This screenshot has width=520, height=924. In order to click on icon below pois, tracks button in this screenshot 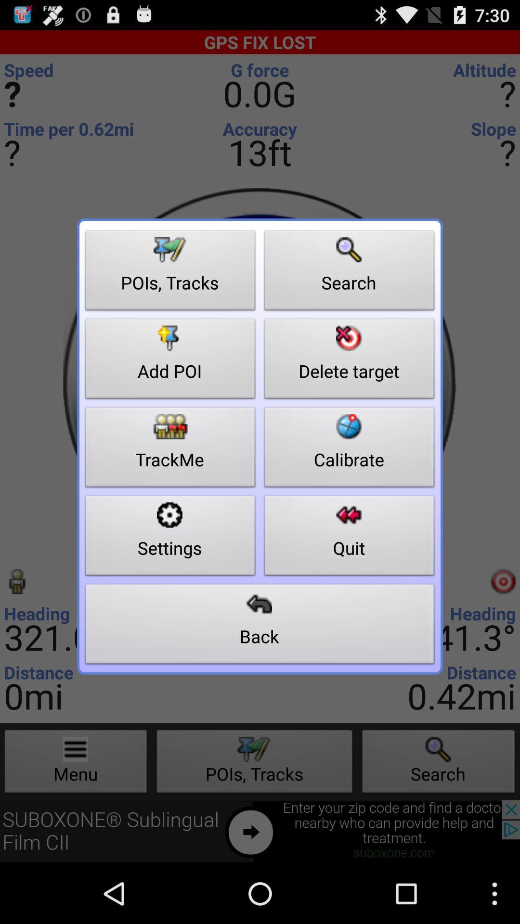, I will do `click(170, 361)`.